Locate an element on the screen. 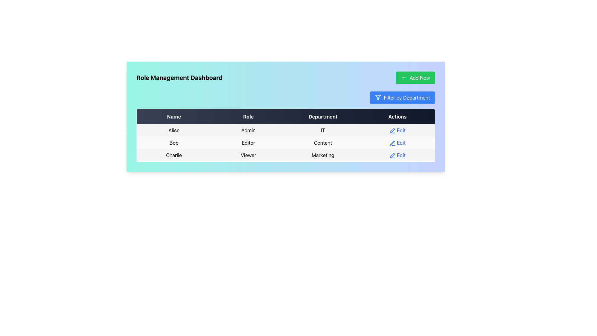 The width and height of the screenshot is (597, 336). the Hyperlink button with an icon in the last row of the table under the 'Actions' column is located at coordinates (397, 155).